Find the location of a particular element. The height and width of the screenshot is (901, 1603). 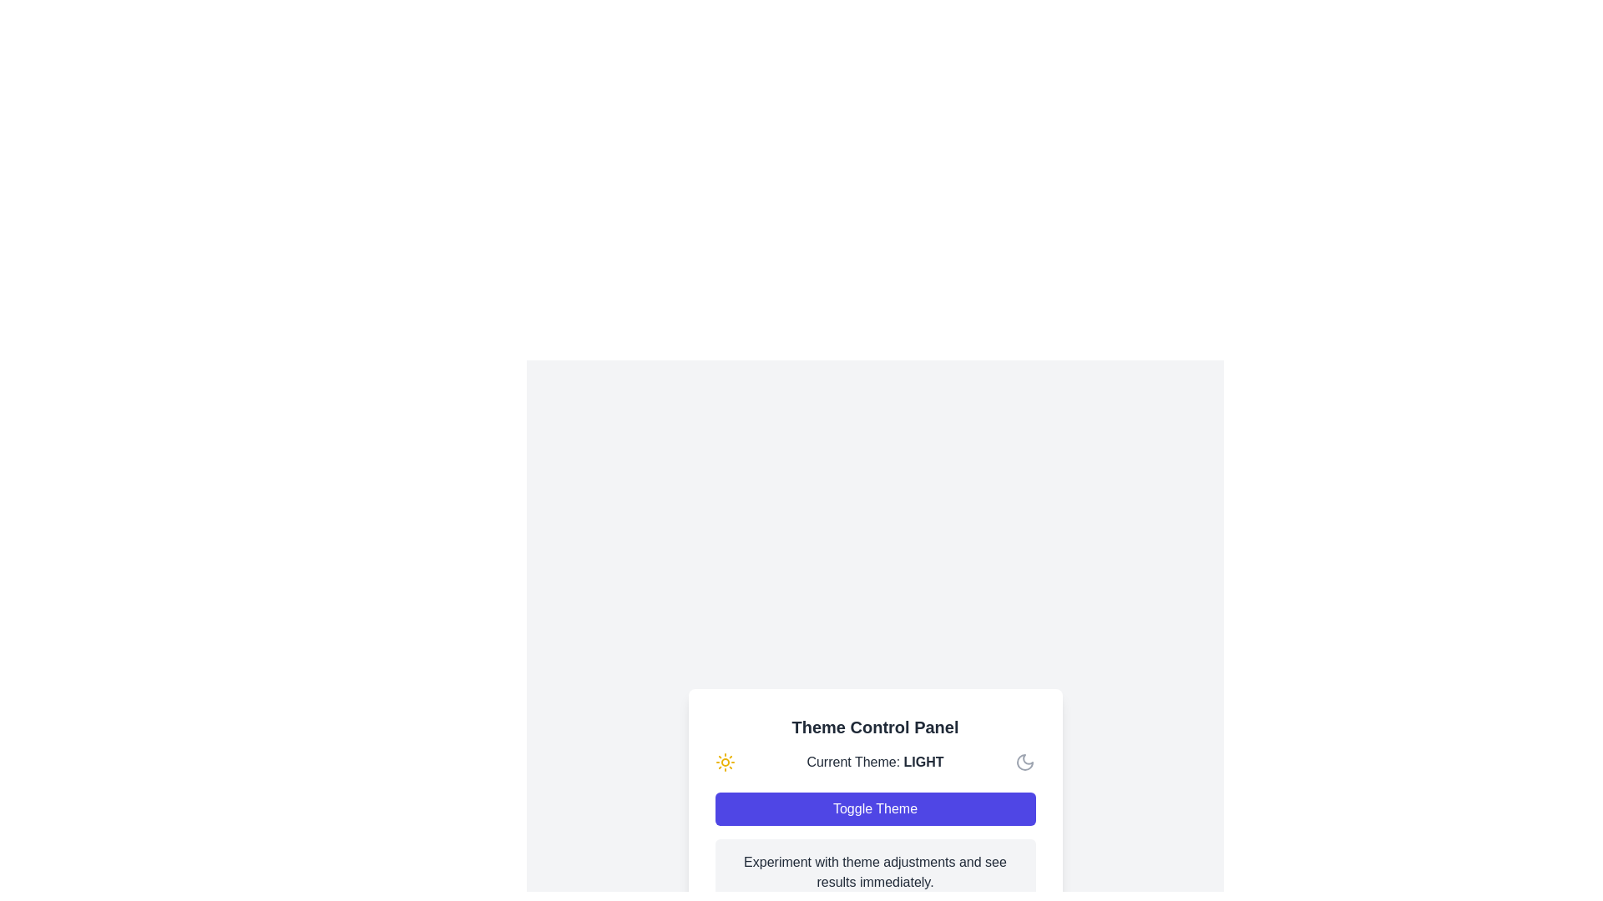

the text label 'LIGHT', which is styled in bold, sans-serif font and indicates the current theme in the control panel is located at coordinates (923, 762).